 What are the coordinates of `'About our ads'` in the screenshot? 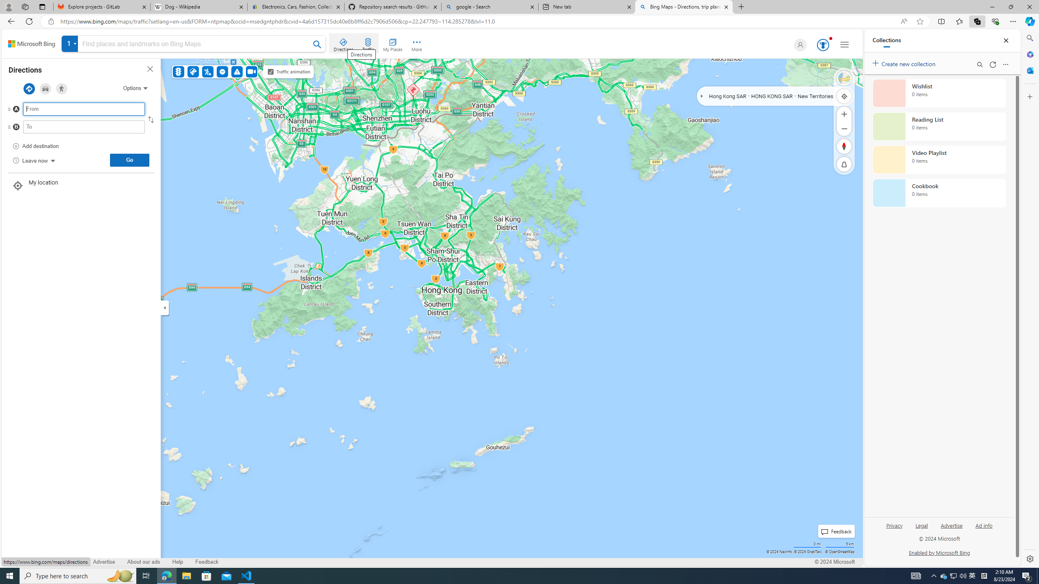 It's located at (143, 562).